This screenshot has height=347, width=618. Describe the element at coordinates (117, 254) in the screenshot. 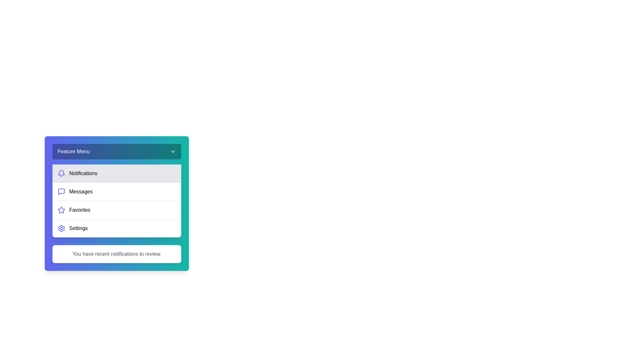

I see `the static text element that provides a summary of recent notifications, located within a white box with rounded corners near the bottom of the vertical menu interface` at that location.